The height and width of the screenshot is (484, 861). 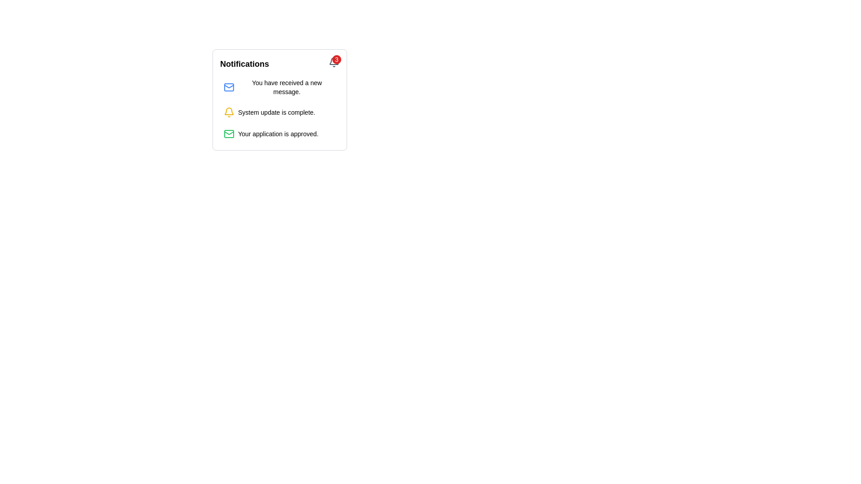 What do you see at coordinates (333, 61) in the screenshot?
I see `the notification icon located at the top-right corner of the notification bubble` at bounding box center [333, 61].